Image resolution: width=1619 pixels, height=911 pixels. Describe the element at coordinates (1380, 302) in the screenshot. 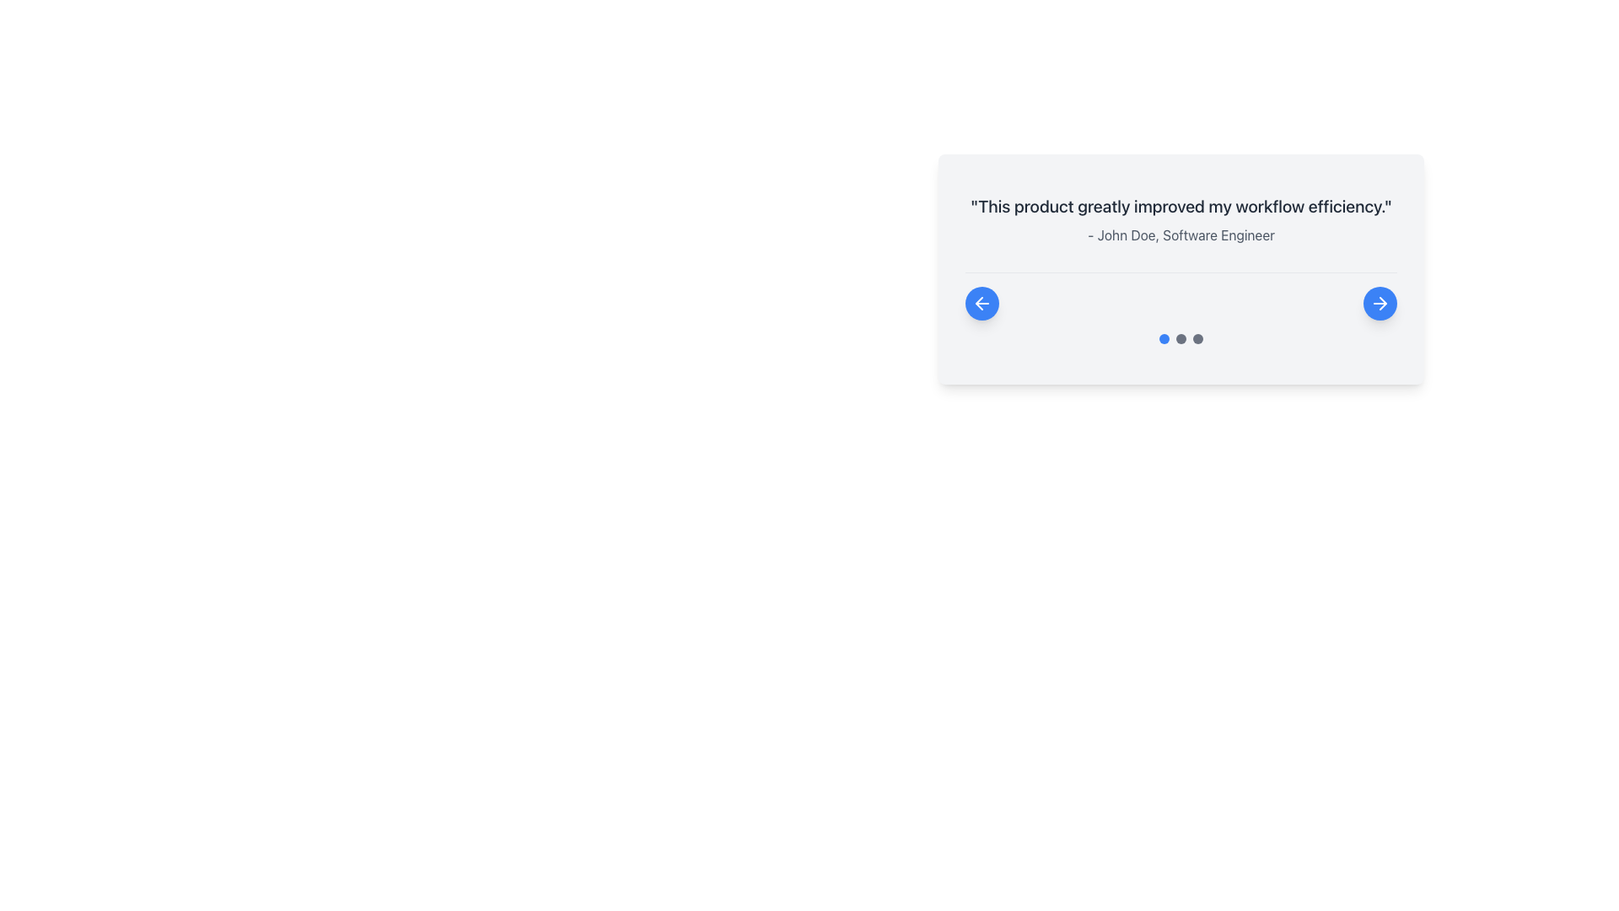

I see `the navigation button located at the bottom-right corner of the testimonial card to advance to the next slide` at that location.